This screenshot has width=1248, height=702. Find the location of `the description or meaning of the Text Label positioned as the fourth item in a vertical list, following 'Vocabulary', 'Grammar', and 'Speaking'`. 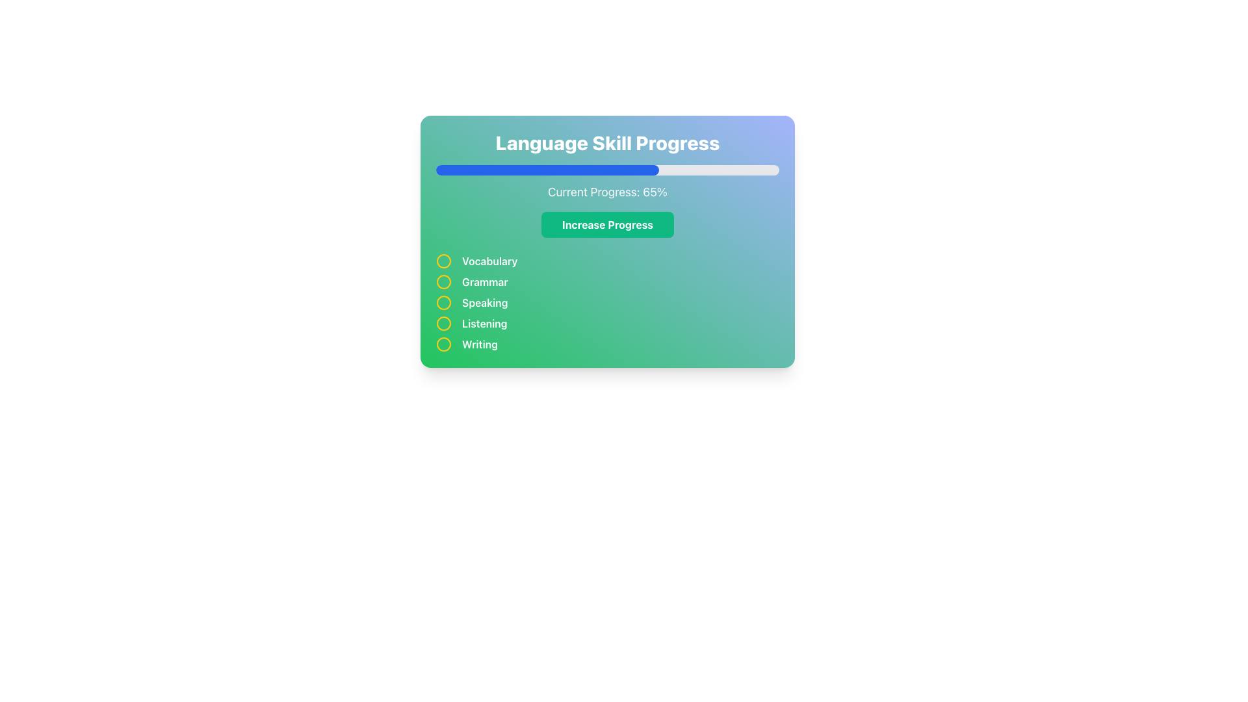

the description or meaning of the Text Label positioned as the fourth item in a vertical list, following 'Vocabulary', 'Grammar', and 'Speaking' is located at coordinates (484, 322).